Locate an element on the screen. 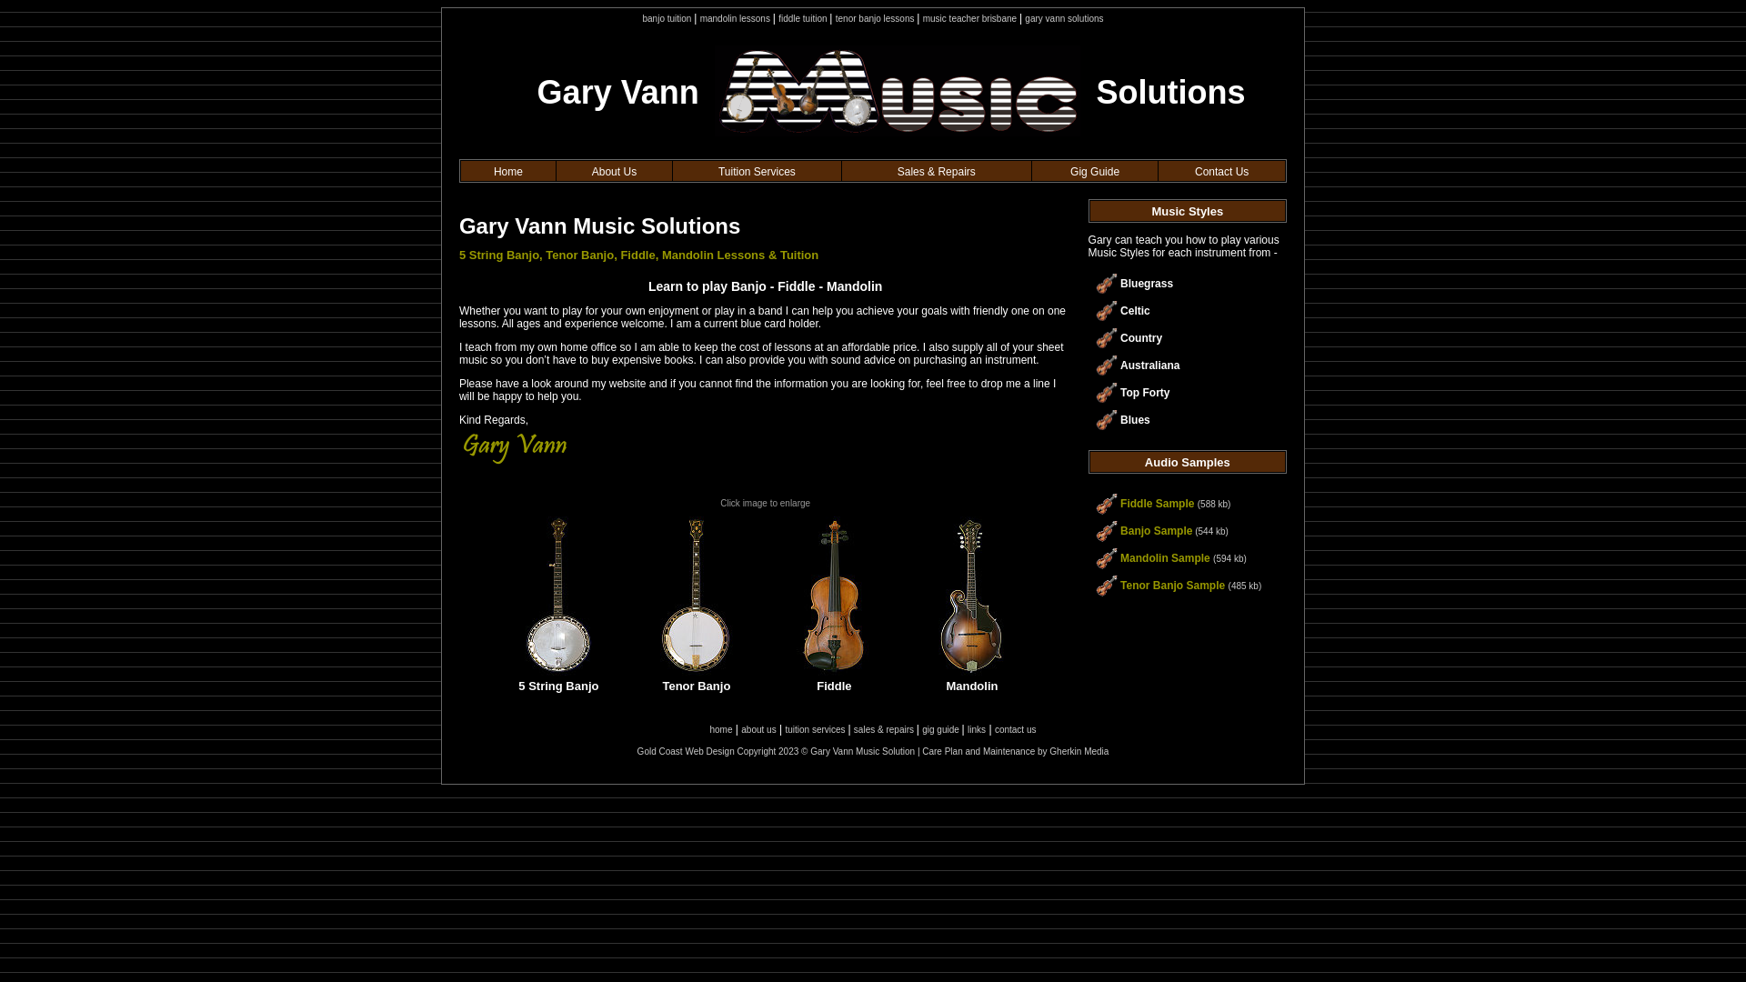 The image size is (1746, 982). 'about us' is located at coordinates (758, 728).